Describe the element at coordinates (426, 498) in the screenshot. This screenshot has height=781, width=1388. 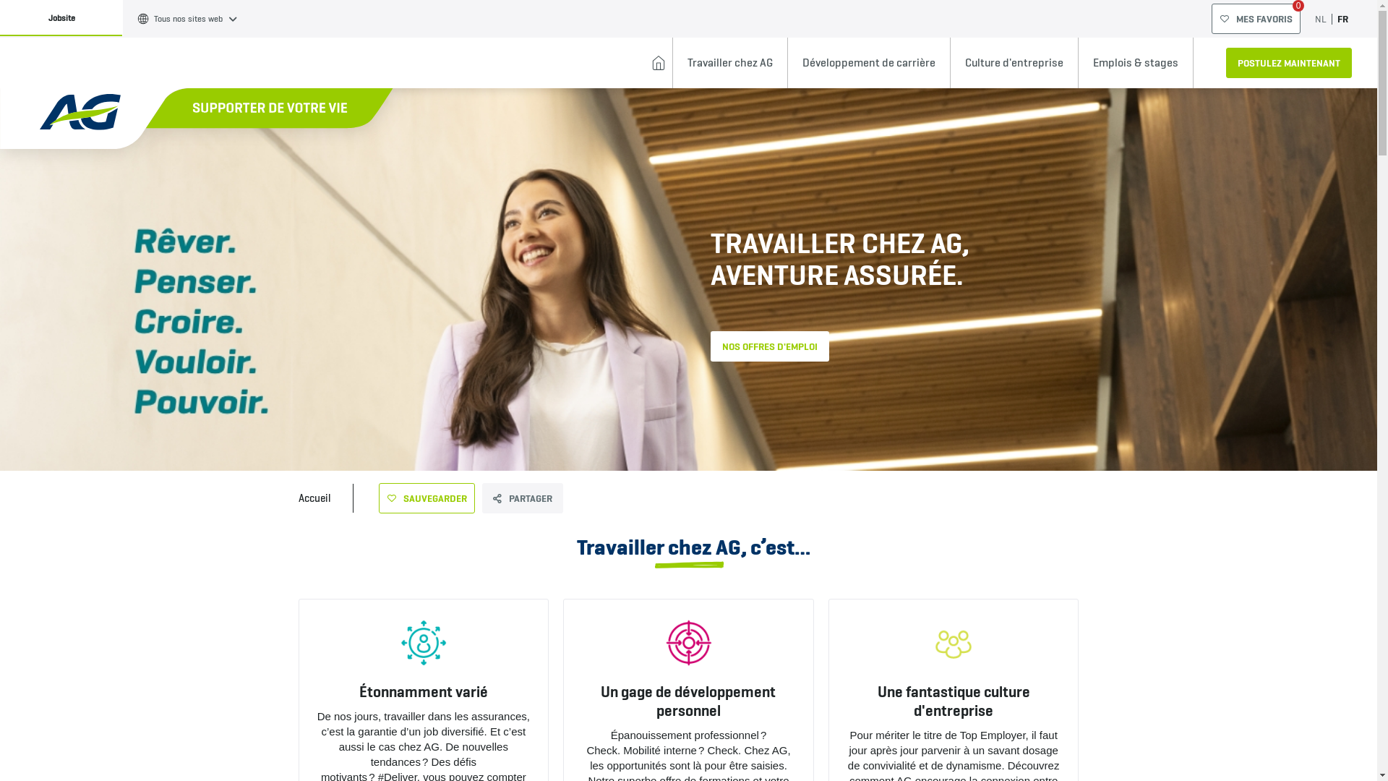
I see `'SAUVEGARDER'` at that location.